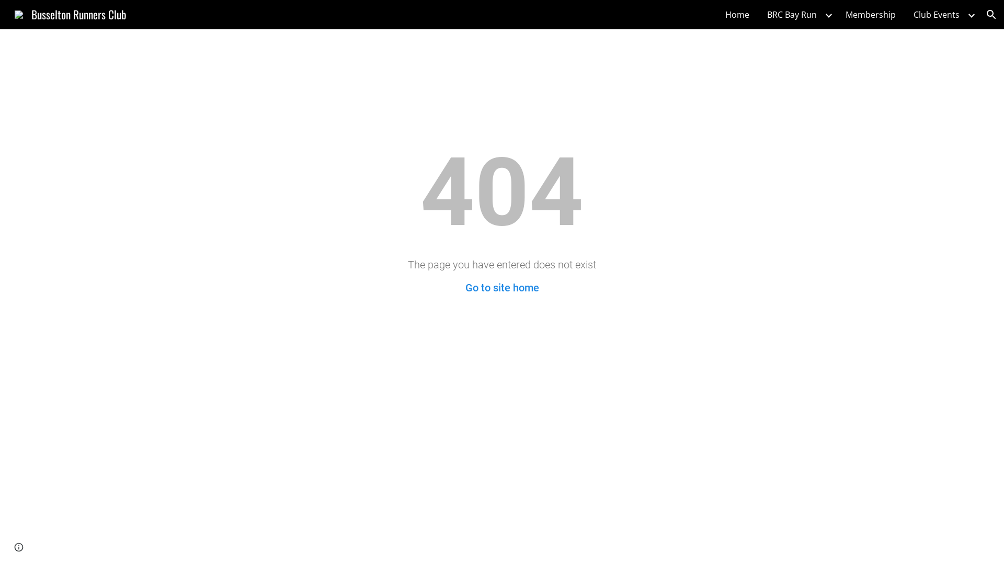 This screenshot has width=1004, height=565. Describe the element at coordinates (70, 13) in the screenshot. I see `'Busselton Runners Club'` at that location.